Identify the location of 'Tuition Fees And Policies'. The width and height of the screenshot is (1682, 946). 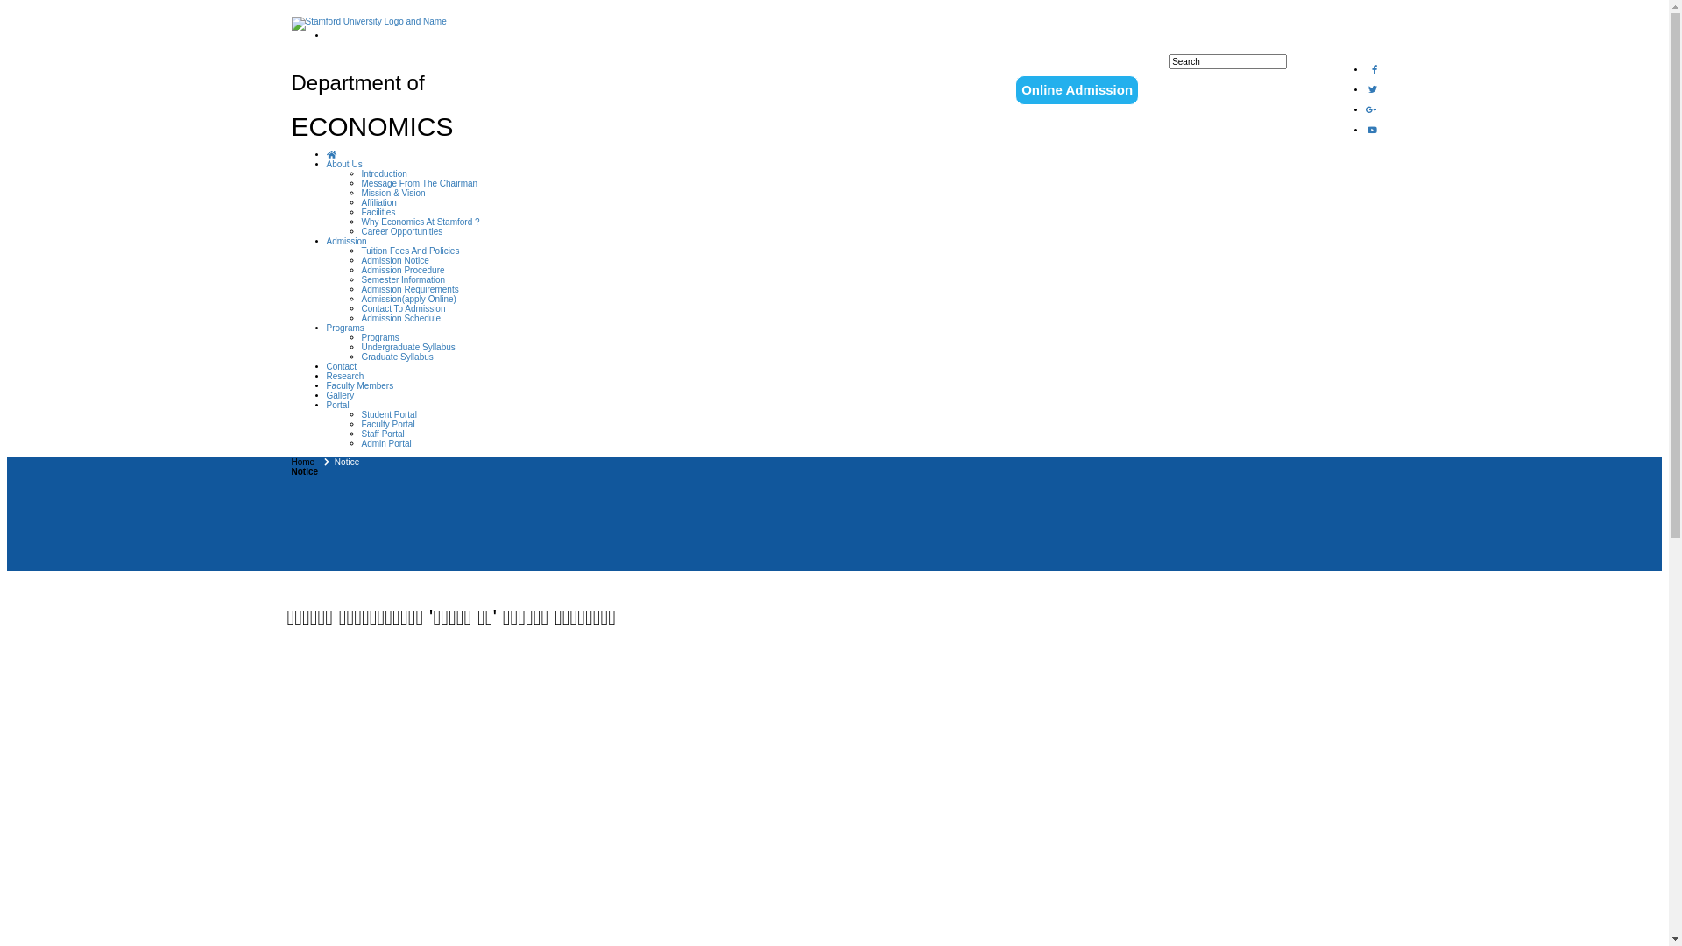
(408, 251).